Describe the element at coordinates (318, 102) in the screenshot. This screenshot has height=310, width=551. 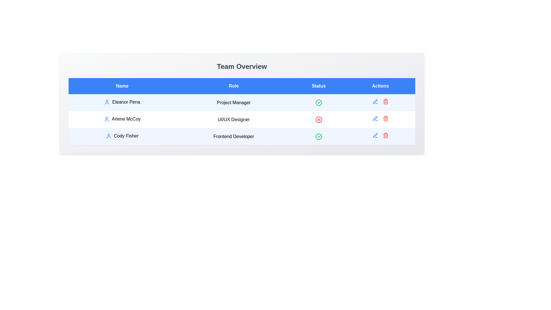
I see `the status indicator icon for Eleanor Pena, the Project Manager, located in the 'Status' column of the first row in the 'Team Overview' table` at that location.